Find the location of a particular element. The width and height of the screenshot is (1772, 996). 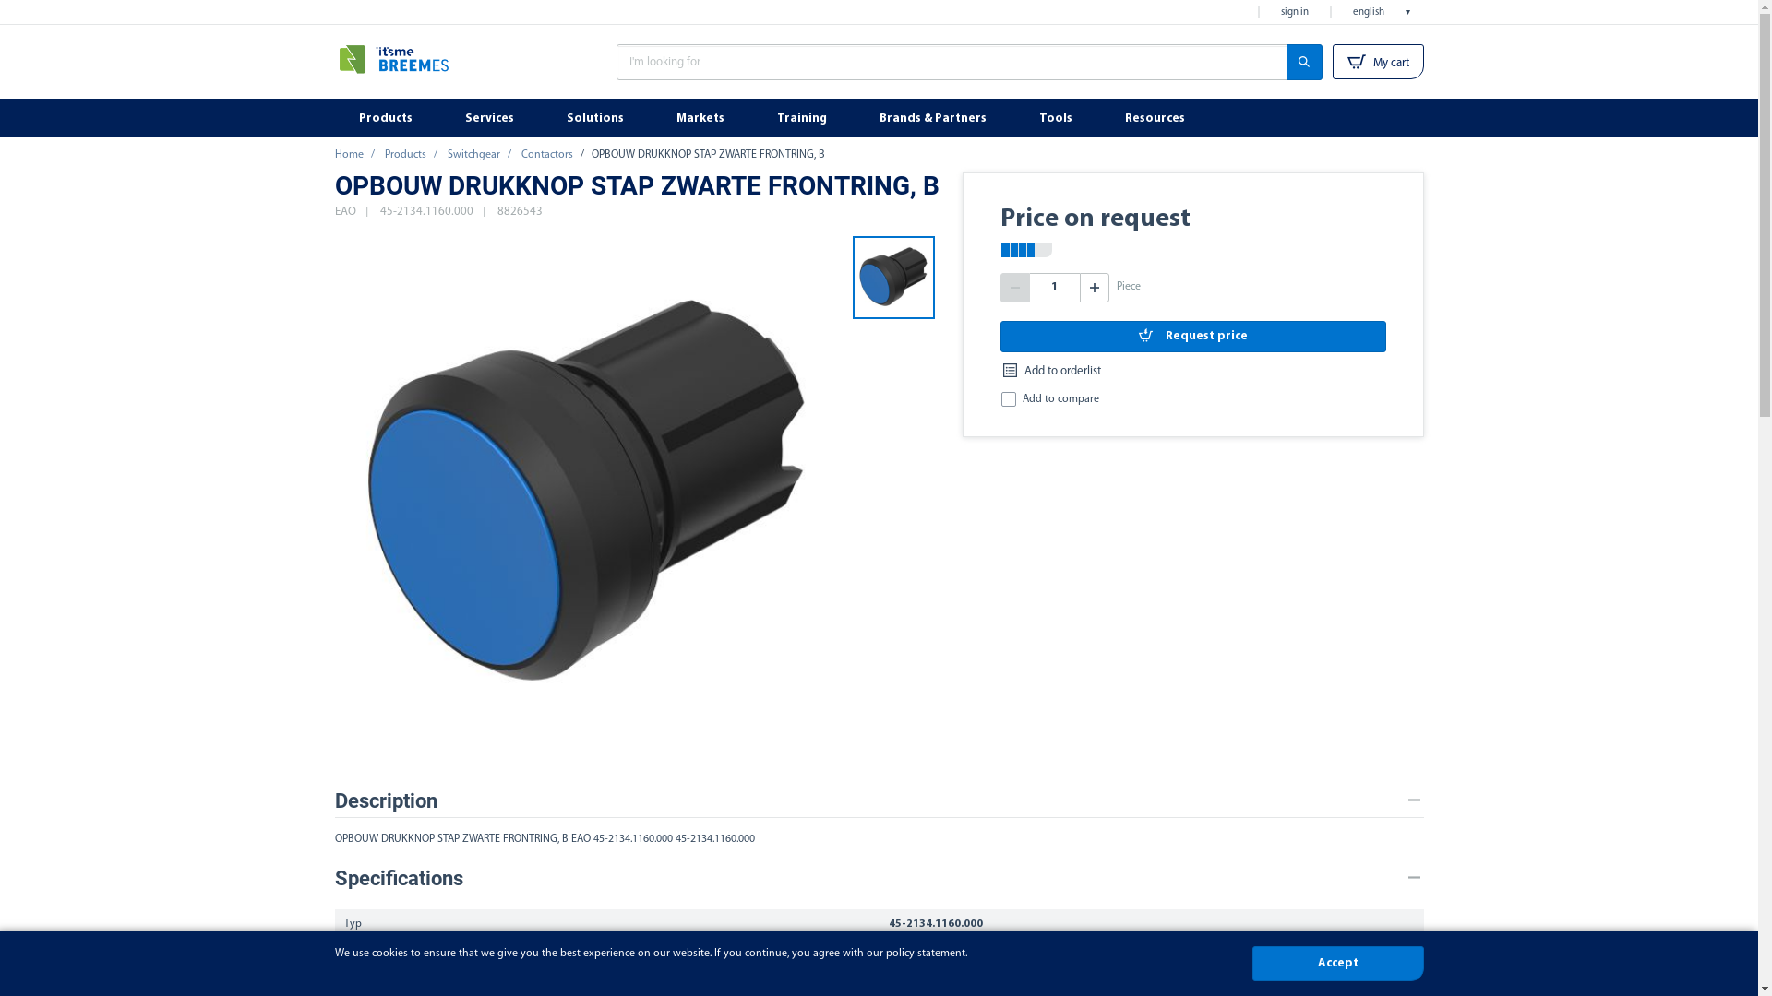

'Add to orderlist' is located at coordinates (1050, 372).